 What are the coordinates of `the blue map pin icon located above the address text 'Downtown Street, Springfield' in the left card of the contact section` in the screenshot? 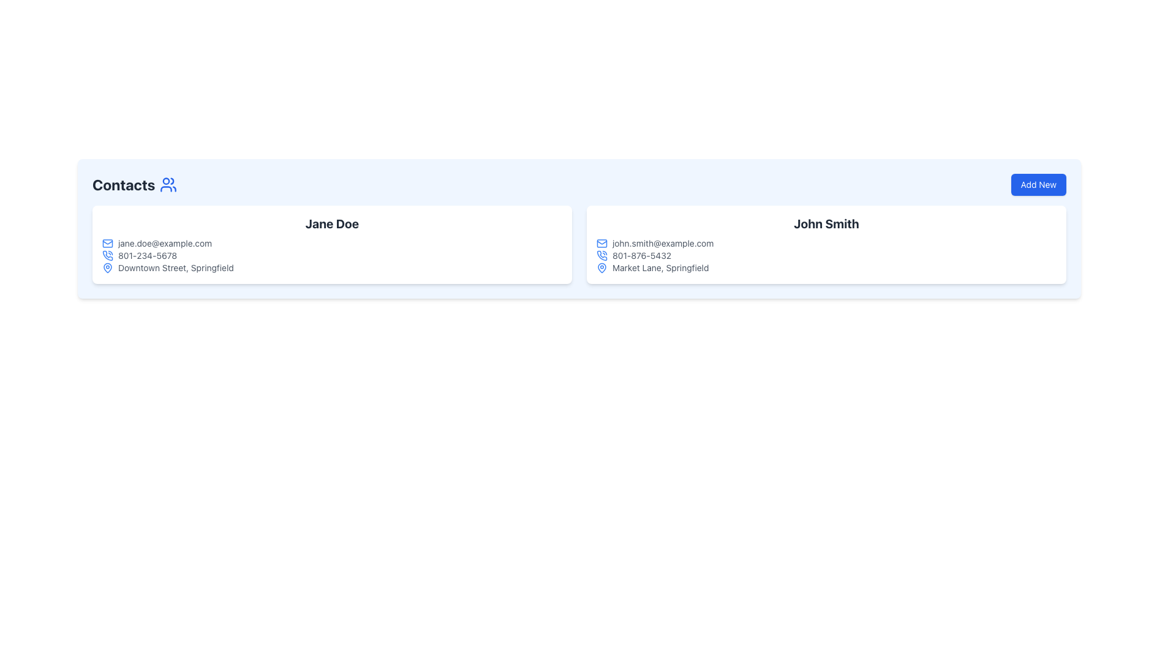 It's located at (108, 267).